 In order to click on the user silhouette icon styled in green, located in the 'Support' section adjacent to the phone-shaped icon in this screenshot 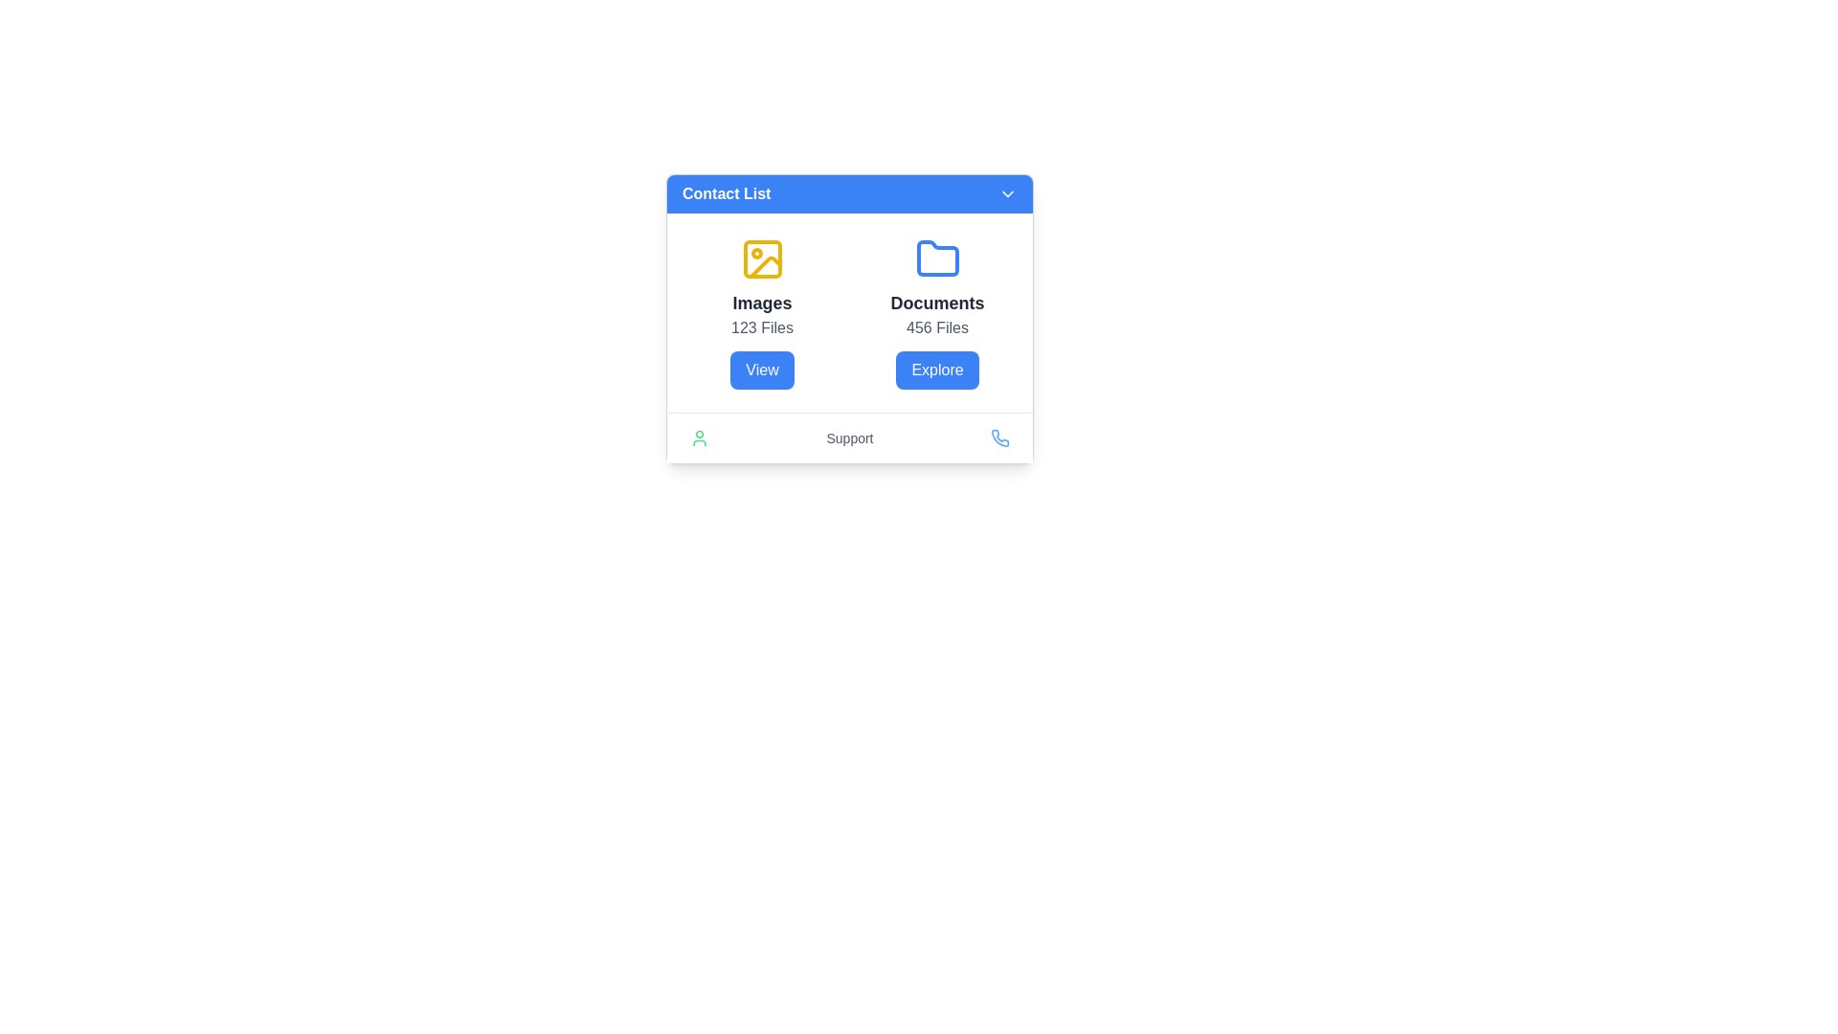, I will do `click(698, 438)`.